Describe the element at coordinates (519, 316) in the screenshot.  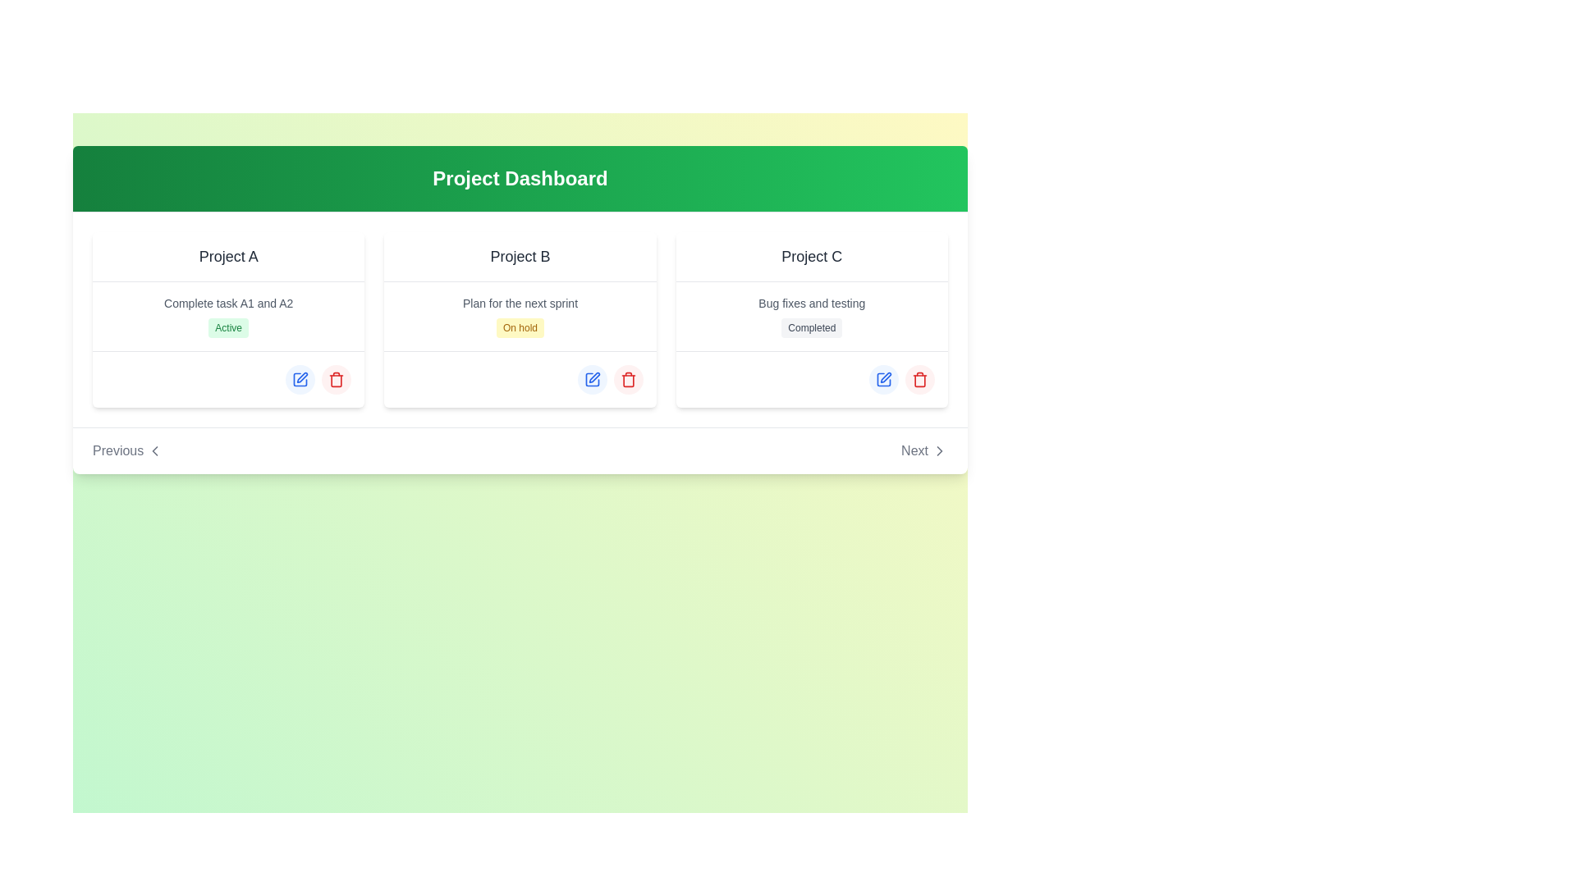
I see `the Informational text component that contains 'Plan for the next sprint' and 'On hold', located in the middle section of the Project B card` at that location.